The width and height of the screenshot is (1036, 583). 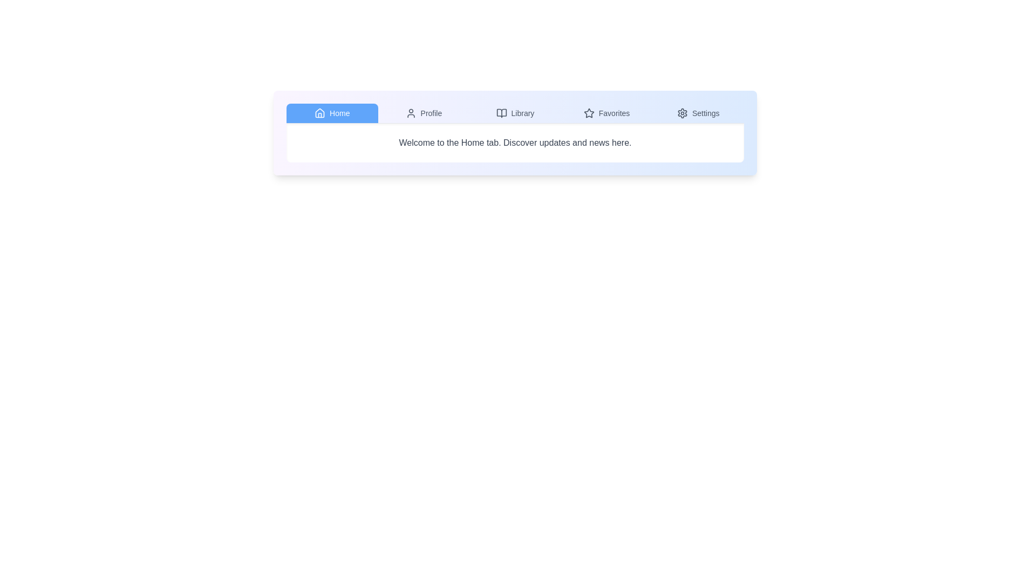 What do you see at coordinates (698, 113) in the screenshot?
I see `the settings button located at the far right of the horizontal navigation bar` at bounding box center [698, 113].